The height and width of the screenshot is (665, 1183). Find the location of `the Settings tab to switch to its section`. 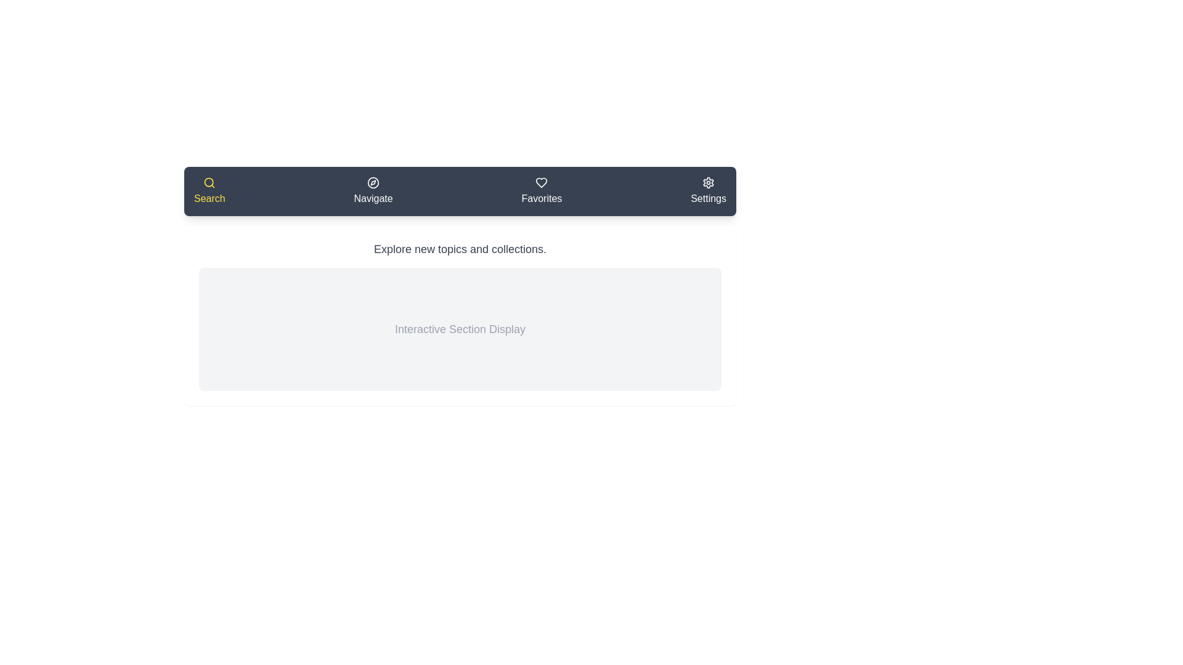

the Settings tab to switch to its section is located at coordinates (709, 191).